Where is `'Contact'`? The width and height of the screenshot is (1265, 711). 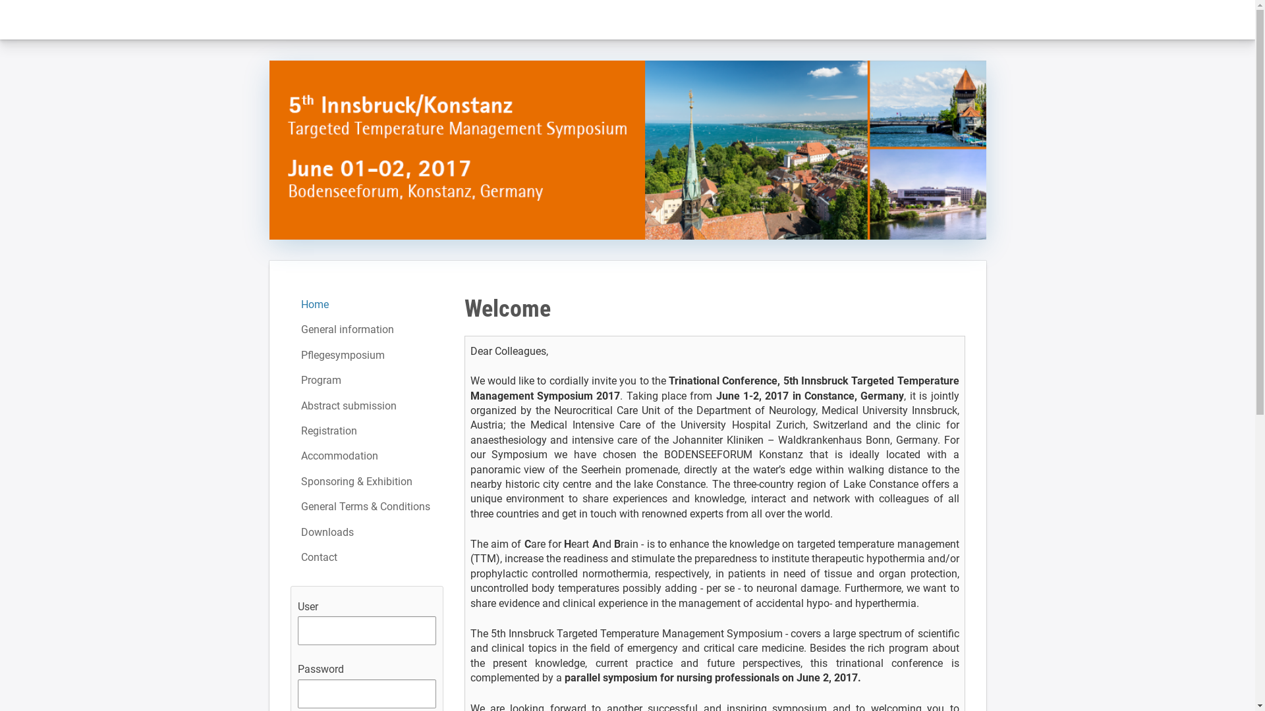 'Contact' is located at coordinates (366, 558).